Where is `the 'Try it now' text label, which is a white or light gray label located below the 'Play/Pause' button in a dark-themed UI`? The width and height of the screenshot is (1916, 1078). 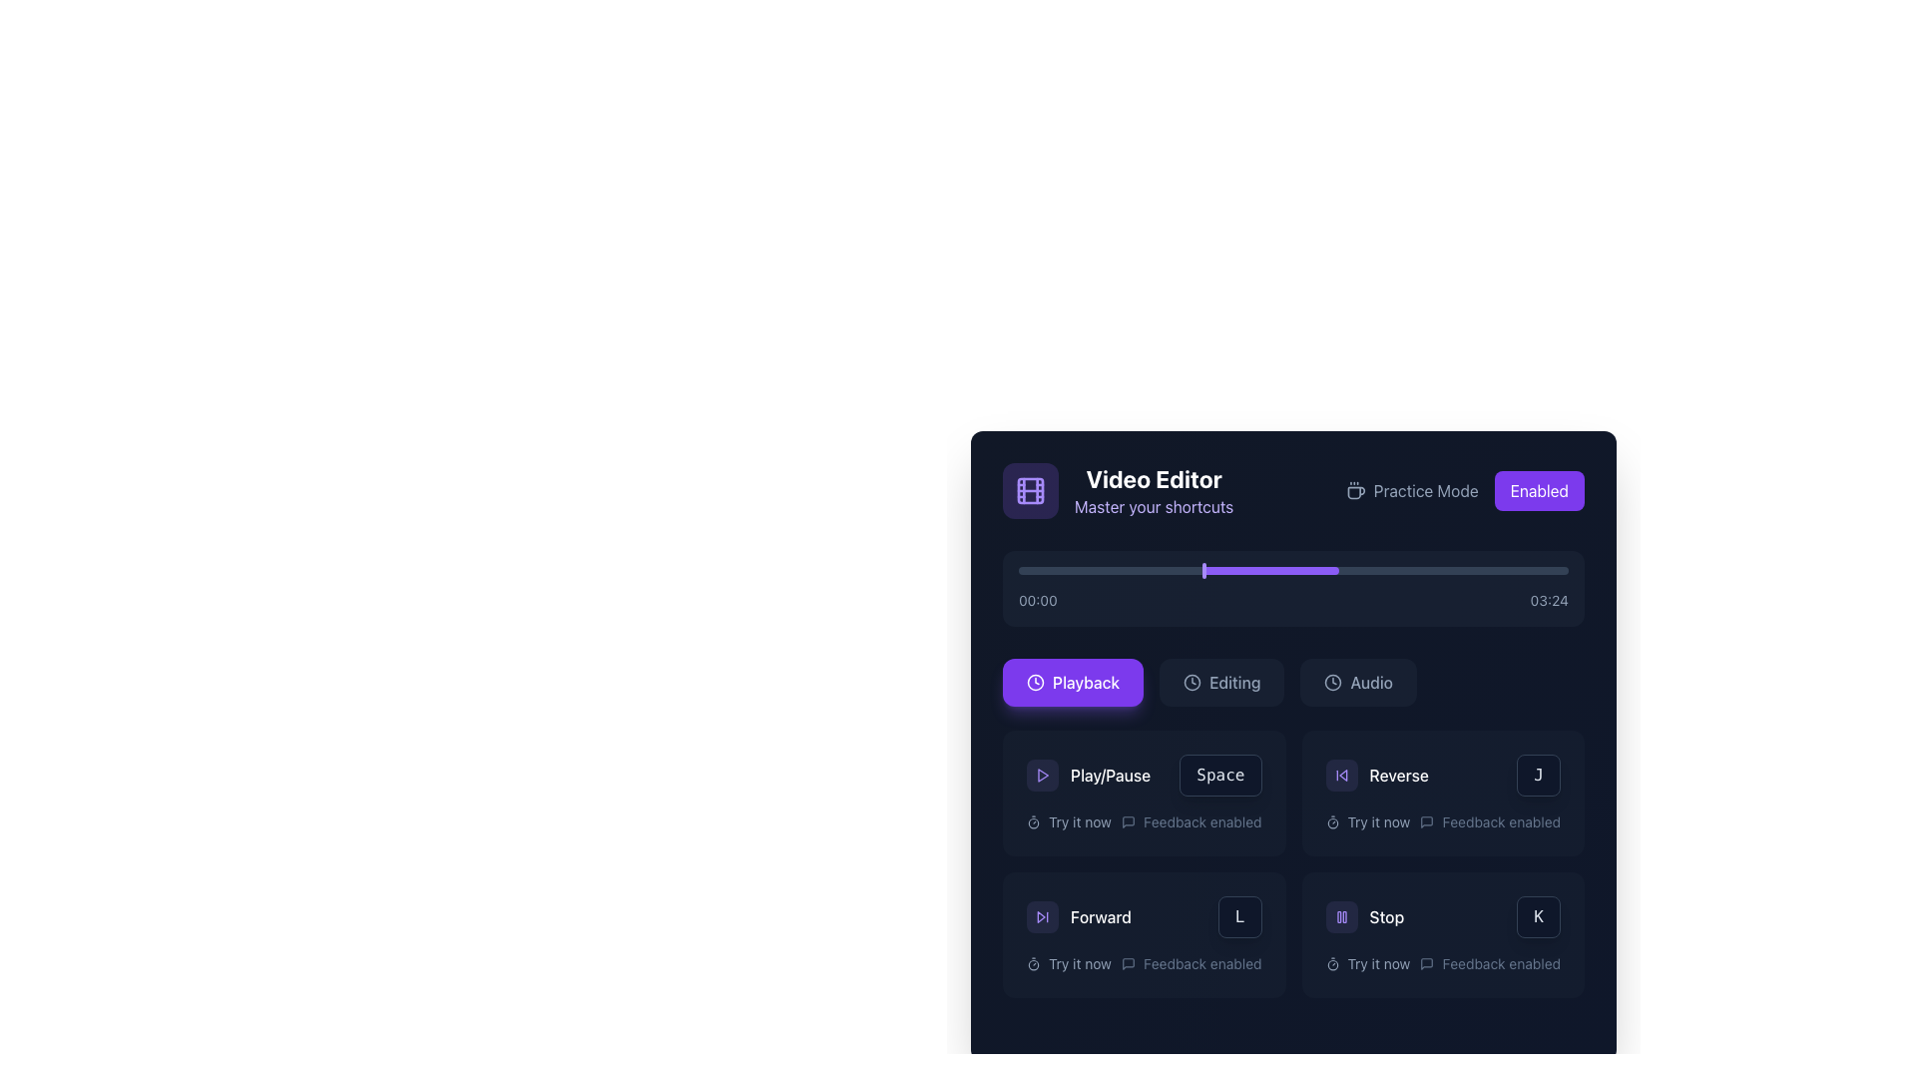 the 'Try it now' text label, which is a white or light gray label located below the 'Play/Pause' button in a dark-themed UI is located at coordinates (1079, 822).